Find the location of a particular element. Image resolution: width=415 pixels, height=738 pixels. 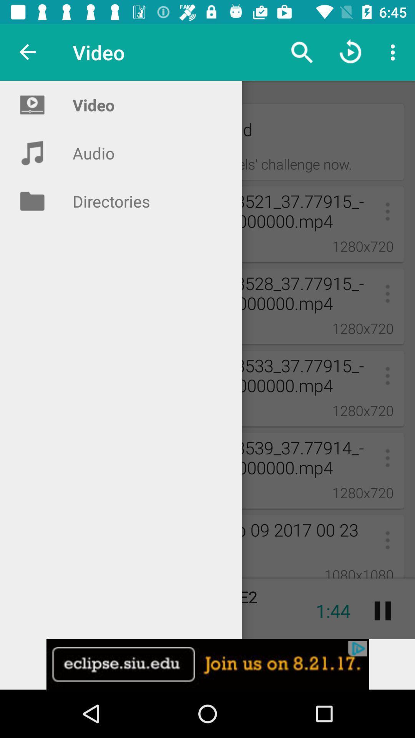

the pause icon is located at coordinates (382, 610).